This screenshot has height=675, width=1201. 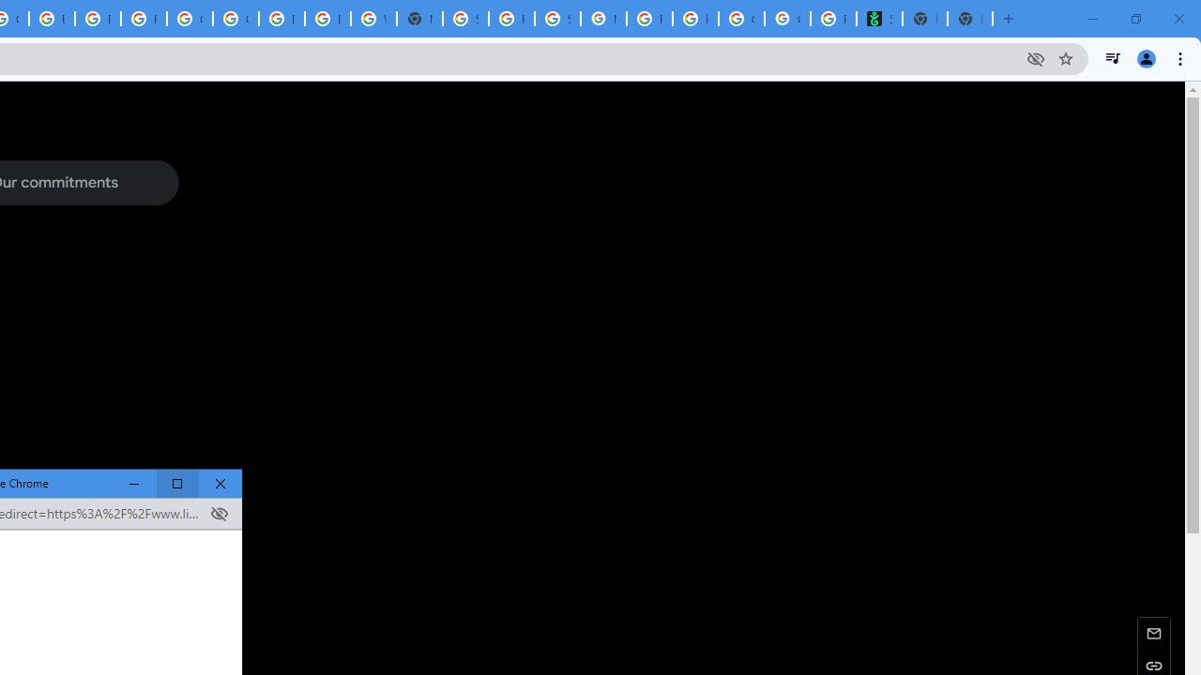 I want to click on 'Control your music, videos, and more', so click(x=1112, y=57).